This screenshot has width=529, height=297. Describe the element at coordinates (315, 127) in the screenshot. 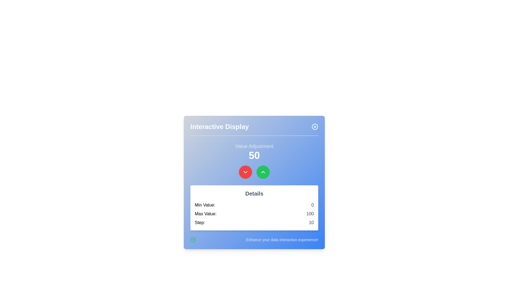

I see `the close button located in the top-right corner of the 'Interactive Display' modal` at that location.